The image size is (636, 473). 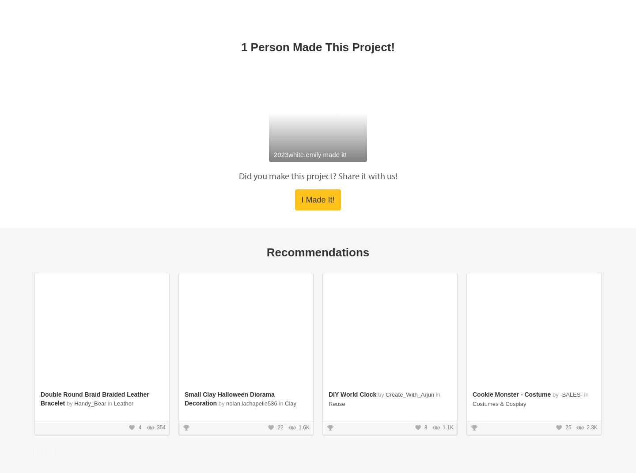 What do you see at coordinates (157, 372) in the screenshot?
I see `'Please be positive and constructive.'` at bounding box center [157, 372].